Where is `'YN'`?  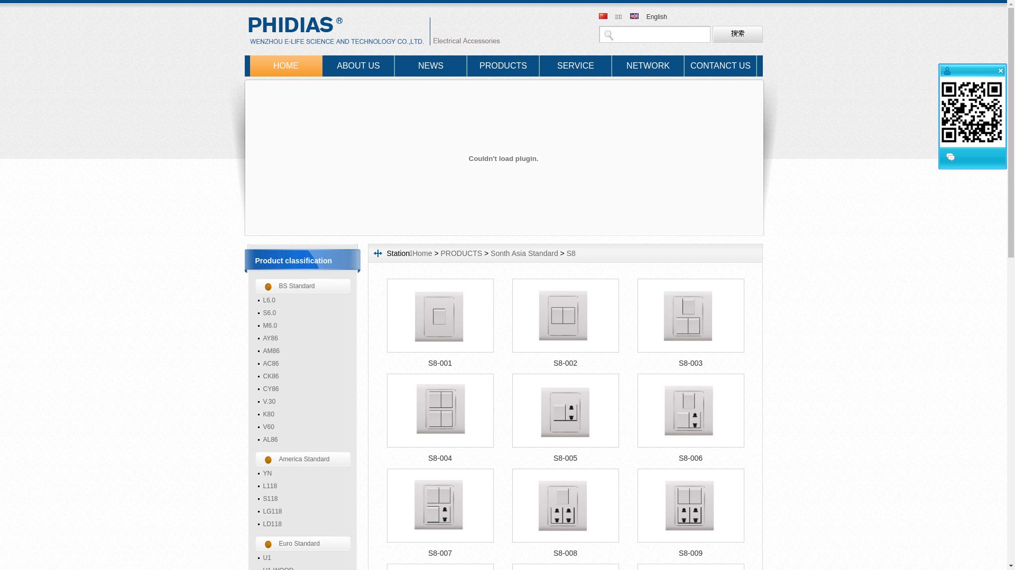
'YN' is located at coordinates (243, 473).